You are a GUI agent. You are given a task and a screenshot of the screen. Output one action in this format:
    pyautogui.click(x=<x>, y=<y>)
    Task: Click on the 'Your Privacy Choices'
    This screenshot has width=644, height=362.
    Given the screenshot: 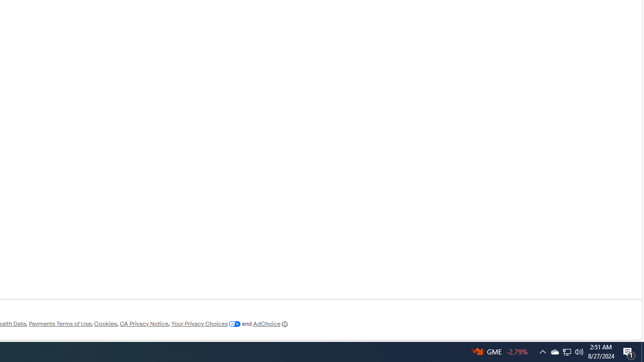 What is the action you would take?
    pyautogui.click(x=205, y=324)
    